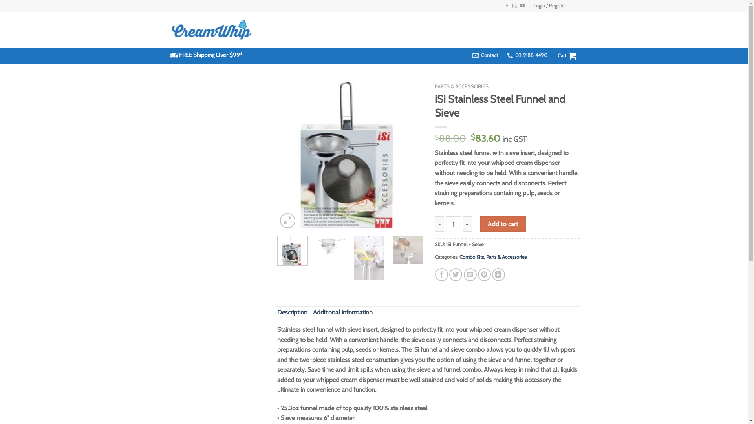  I want to click on 'Qty', so click(454, 224).